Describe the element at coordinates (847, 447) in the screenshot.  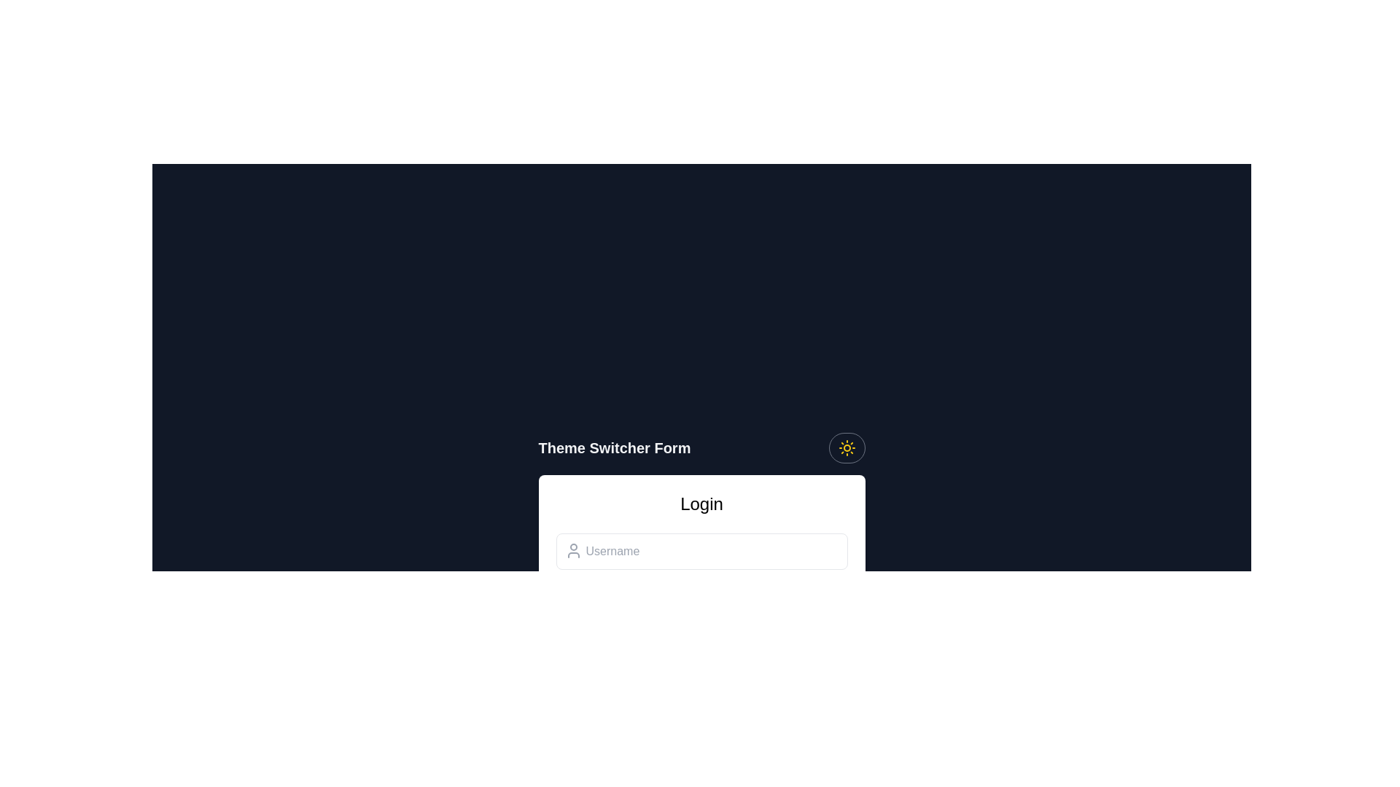
I see `the circular button with a yellow sun icon on a dark background` at that location.